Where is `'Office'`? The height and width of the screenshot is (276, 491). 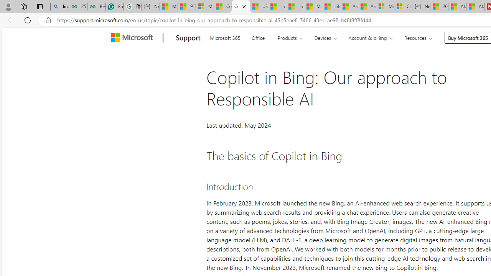 'Office' is located at coordinates (258, 37).